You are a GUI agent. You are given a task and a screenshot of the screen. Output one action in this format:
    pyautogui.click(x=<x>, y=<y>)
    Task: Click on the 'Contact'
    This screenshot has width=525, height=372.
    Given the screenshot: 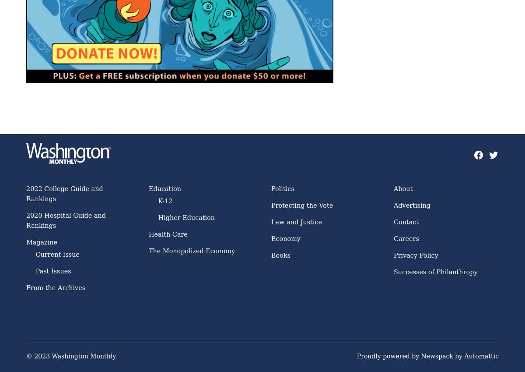 What is the action you would take?
    pyautogui.click(x=406, y=222)
    